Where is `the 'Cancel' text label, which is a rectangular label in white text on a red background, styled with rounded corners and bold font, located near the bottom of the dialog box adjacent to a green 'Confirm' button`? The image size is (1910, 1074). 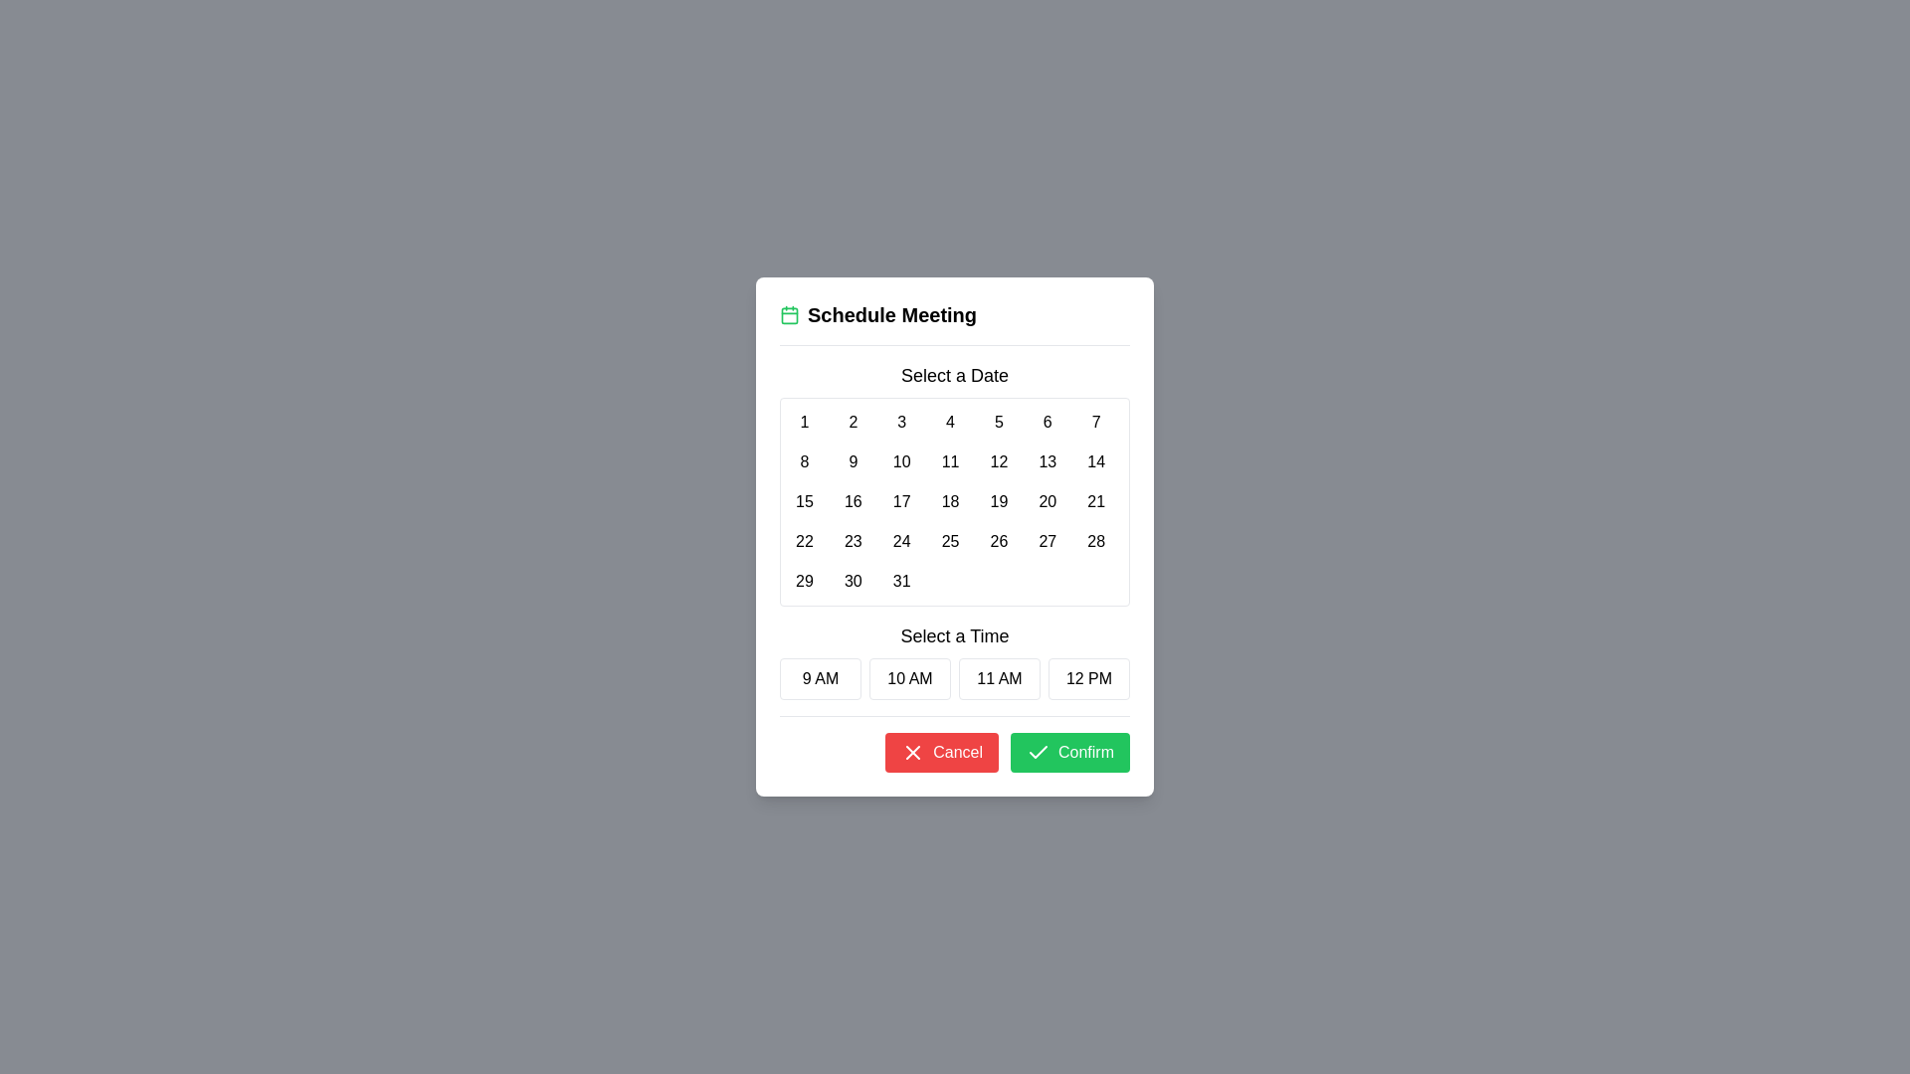
the 'Cancel' text label, which is a rectangular label in white text on a red background, styled with rounded corners and bold font, located near the bottom of the dialog box adjacent to a green 'Confirm' button is located at coordinates (958, 752).